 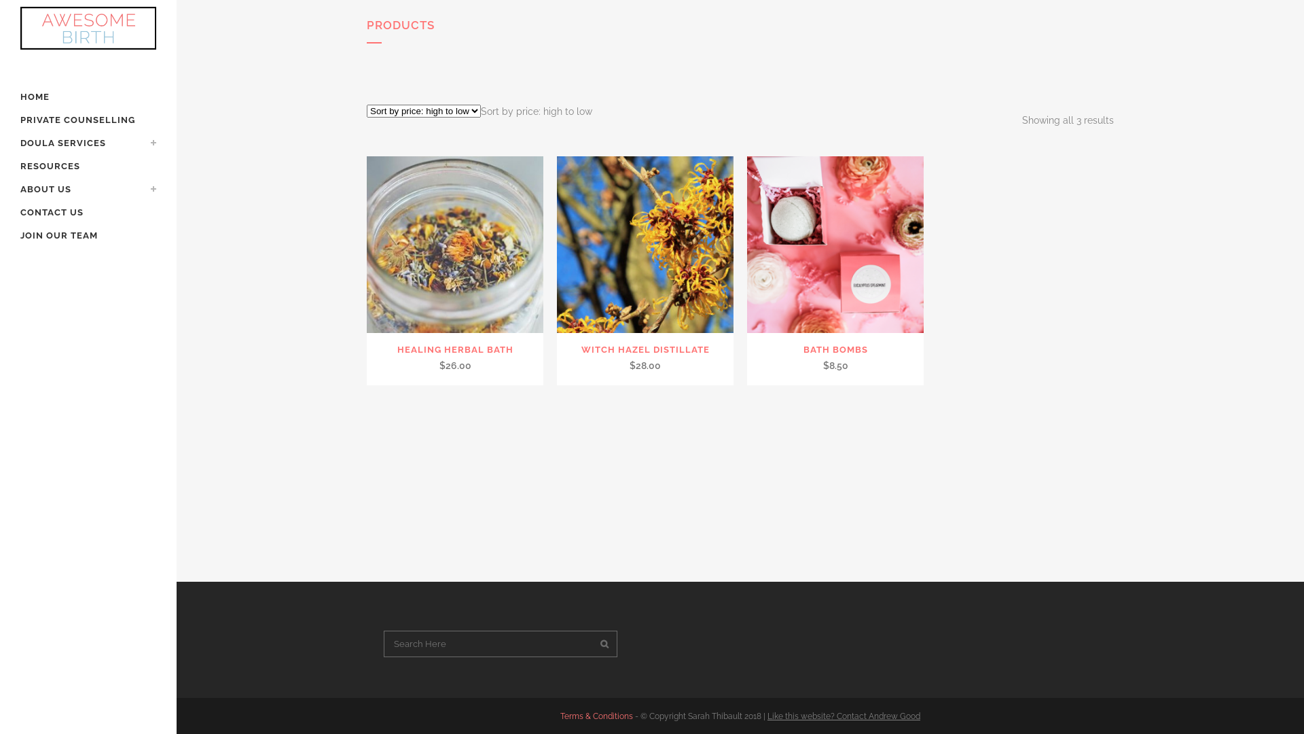 What do you see at coordinates (87, 96) in the screenshot?
I see `'HOME'` at bounding box center [87, 96].